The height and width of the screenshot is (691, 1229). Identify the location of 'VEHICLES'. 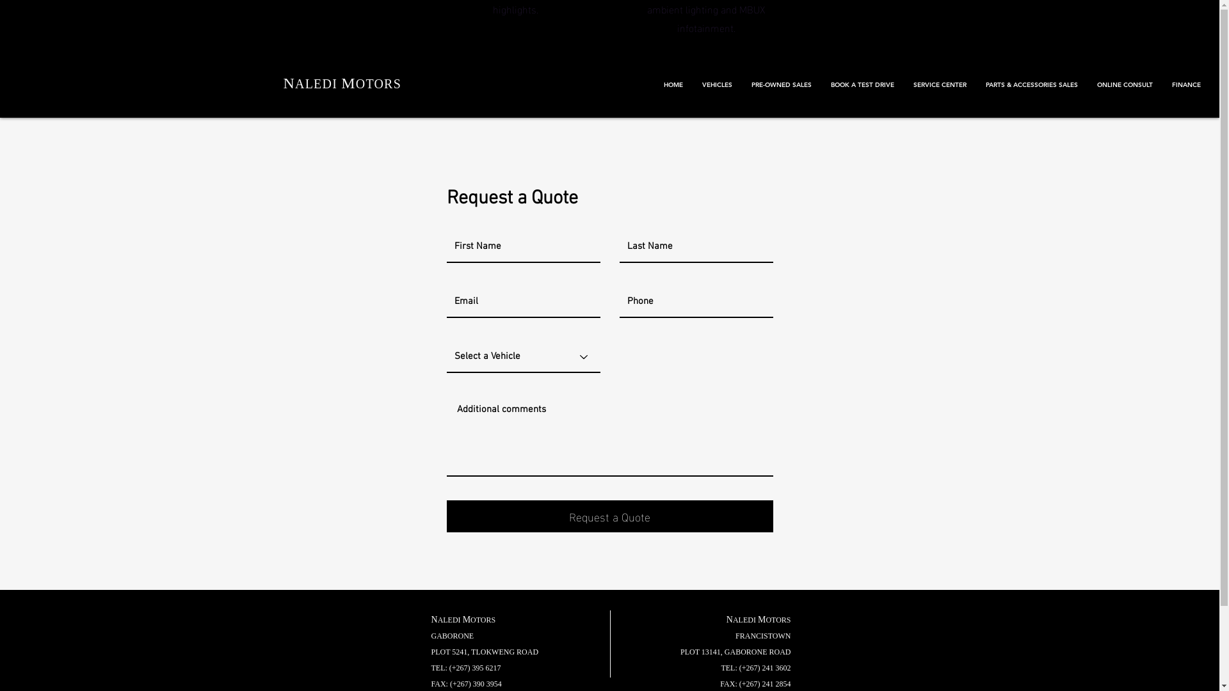
(717, 84).